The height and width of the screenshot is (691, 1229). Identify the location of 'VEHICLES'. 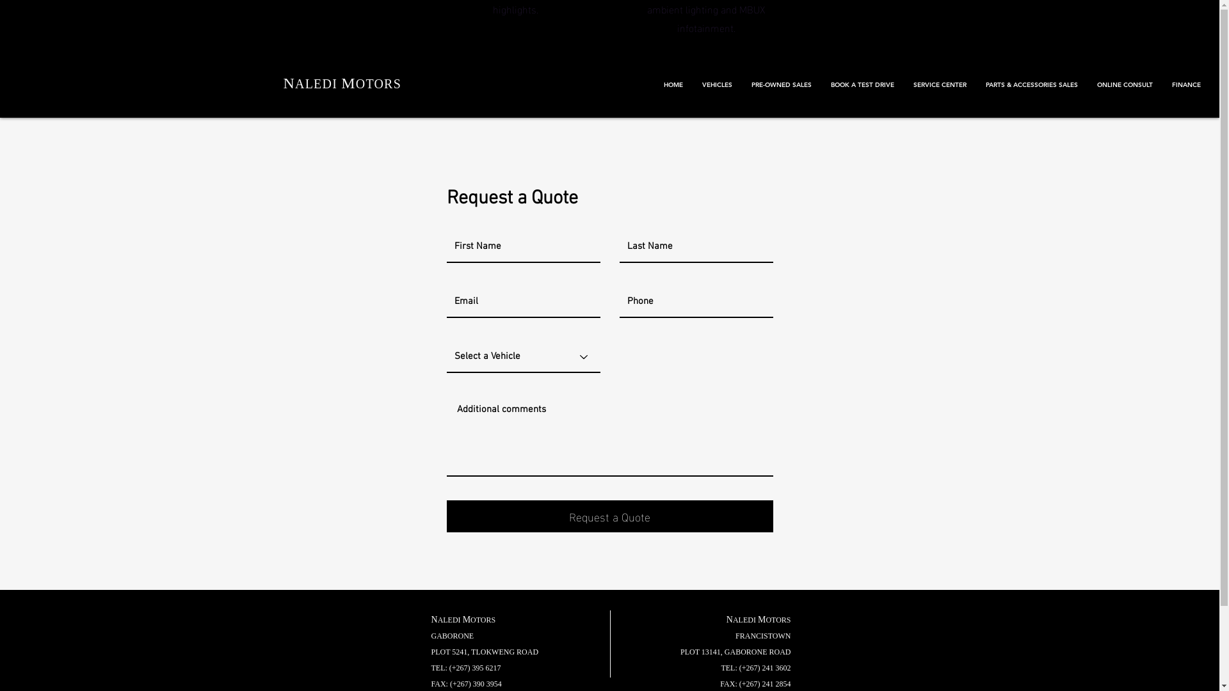
(717, 84).